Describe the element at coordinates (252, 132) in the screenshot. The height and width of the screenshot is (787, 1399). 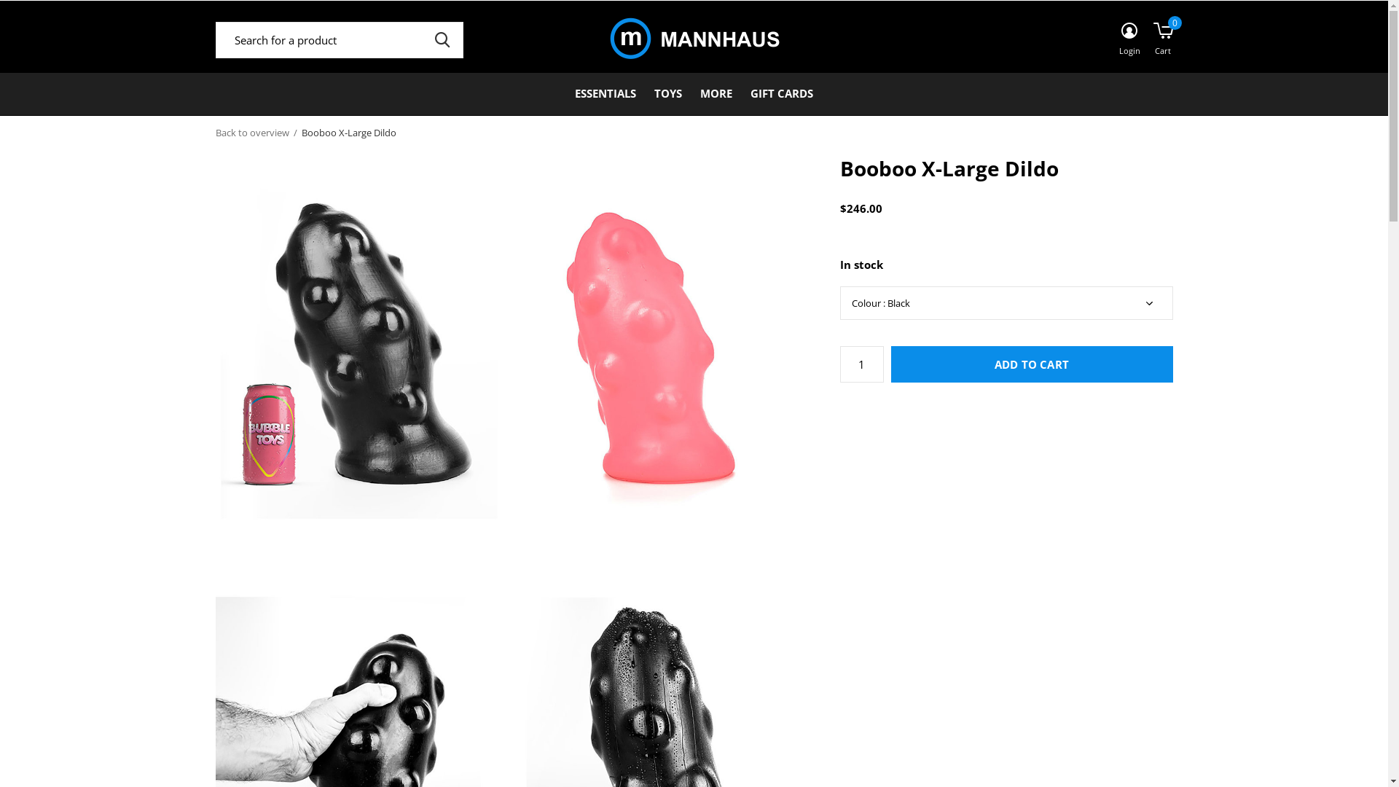
I see `'Back to overview'` at that location.